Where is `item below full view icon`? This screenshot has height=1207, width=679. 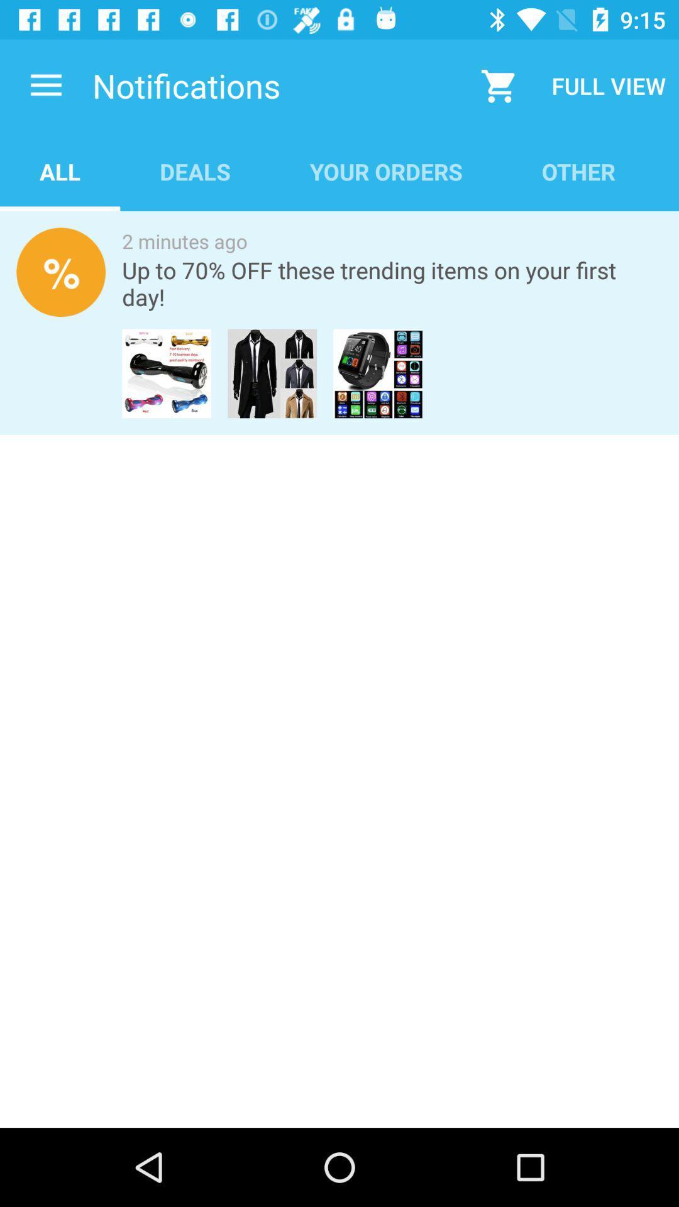 item below full view icon is located at coordinates (578, 171).